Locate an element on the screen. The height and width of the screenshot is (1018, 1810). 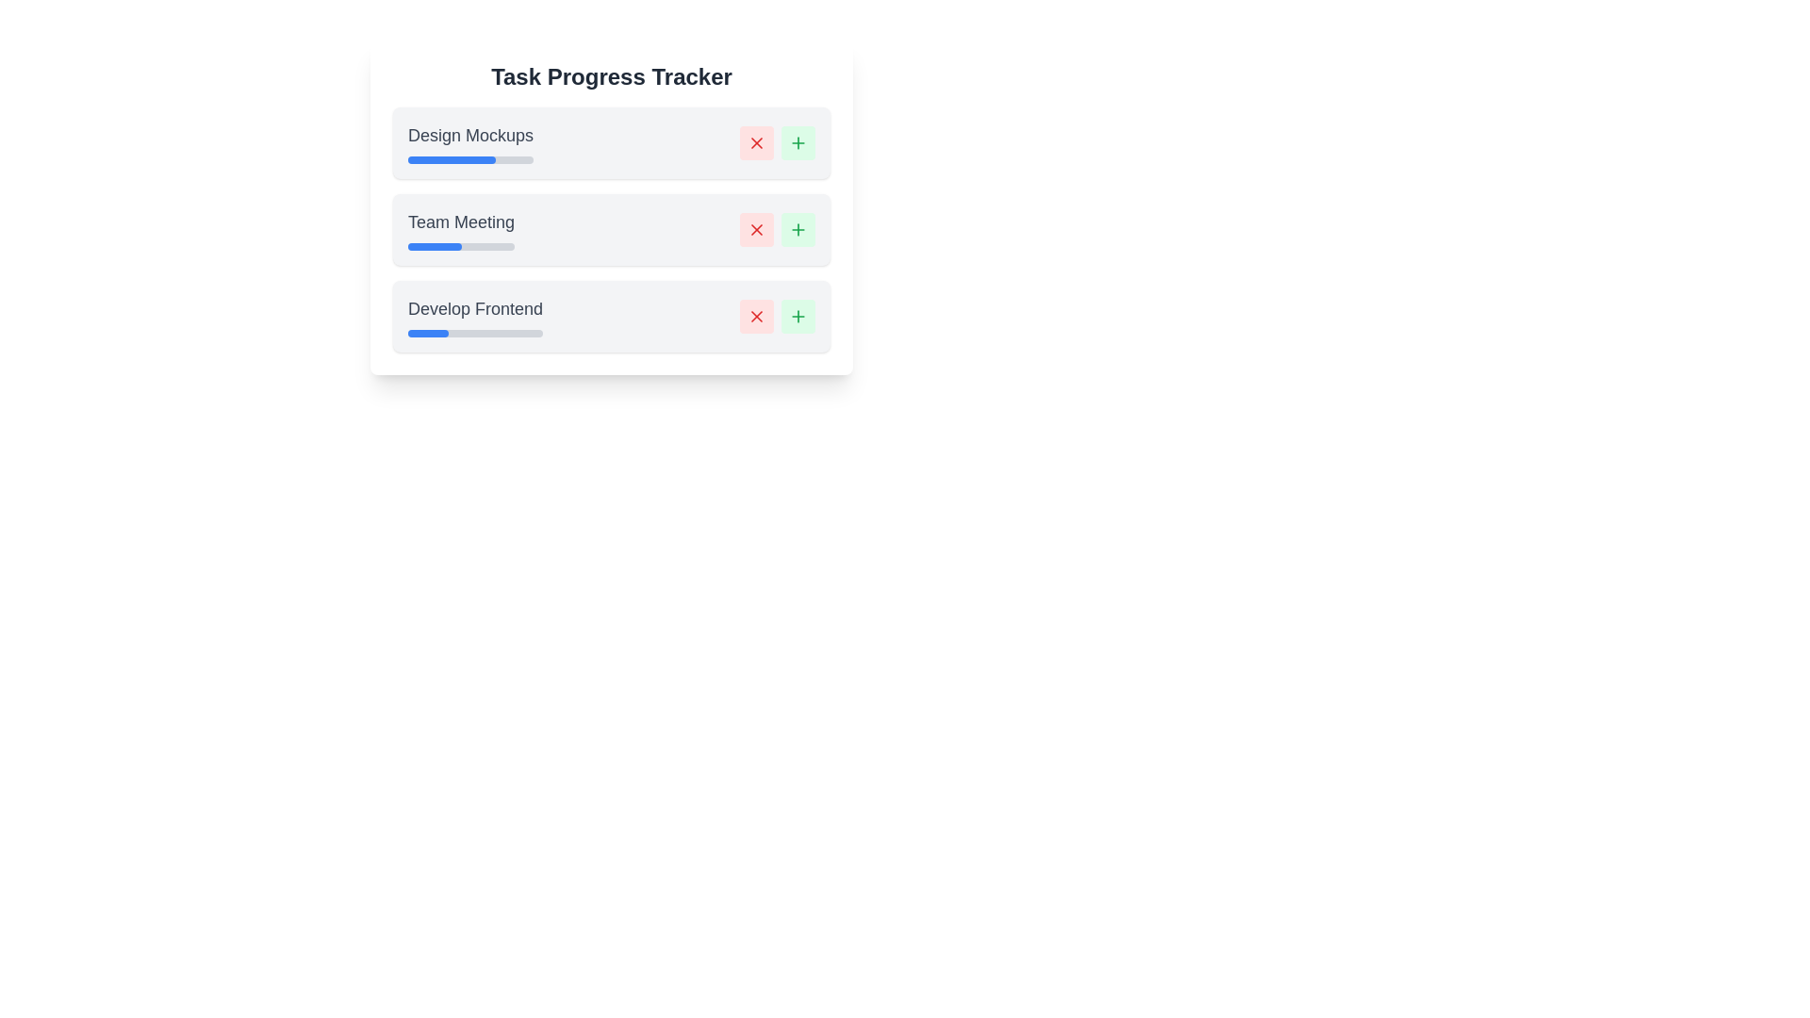
the progress bar to inspect its completion status is located at coordinates (470, 158).